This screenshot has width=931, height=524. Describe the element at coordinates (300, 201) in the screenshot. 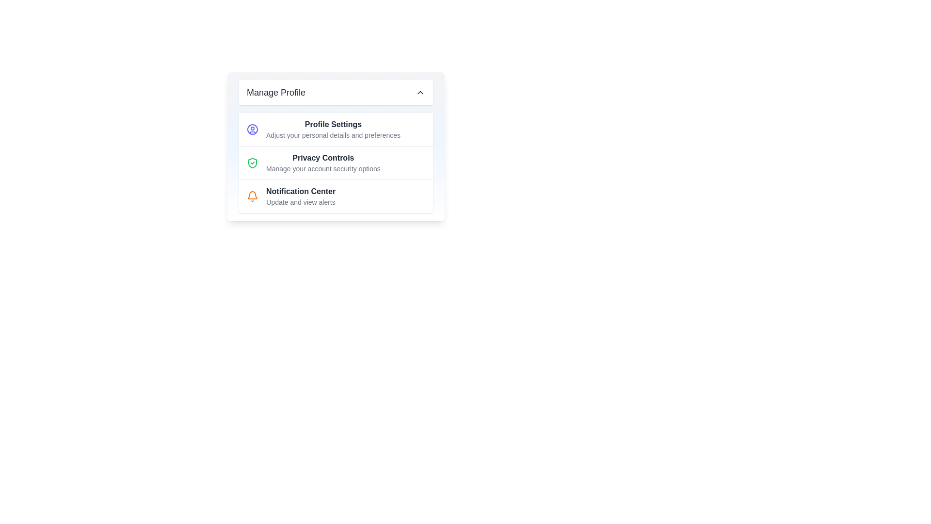

I see `the Inline text label that provides a description related to the functionality of the Notification Center, located below the title in the Manage Profile section` at that location.